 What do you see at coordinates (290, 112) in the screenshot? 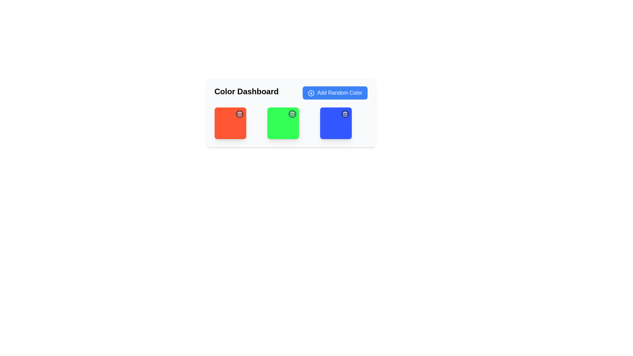
I see `the delete icon located within the Color Dashboard card` at bounding box center [290, 112].